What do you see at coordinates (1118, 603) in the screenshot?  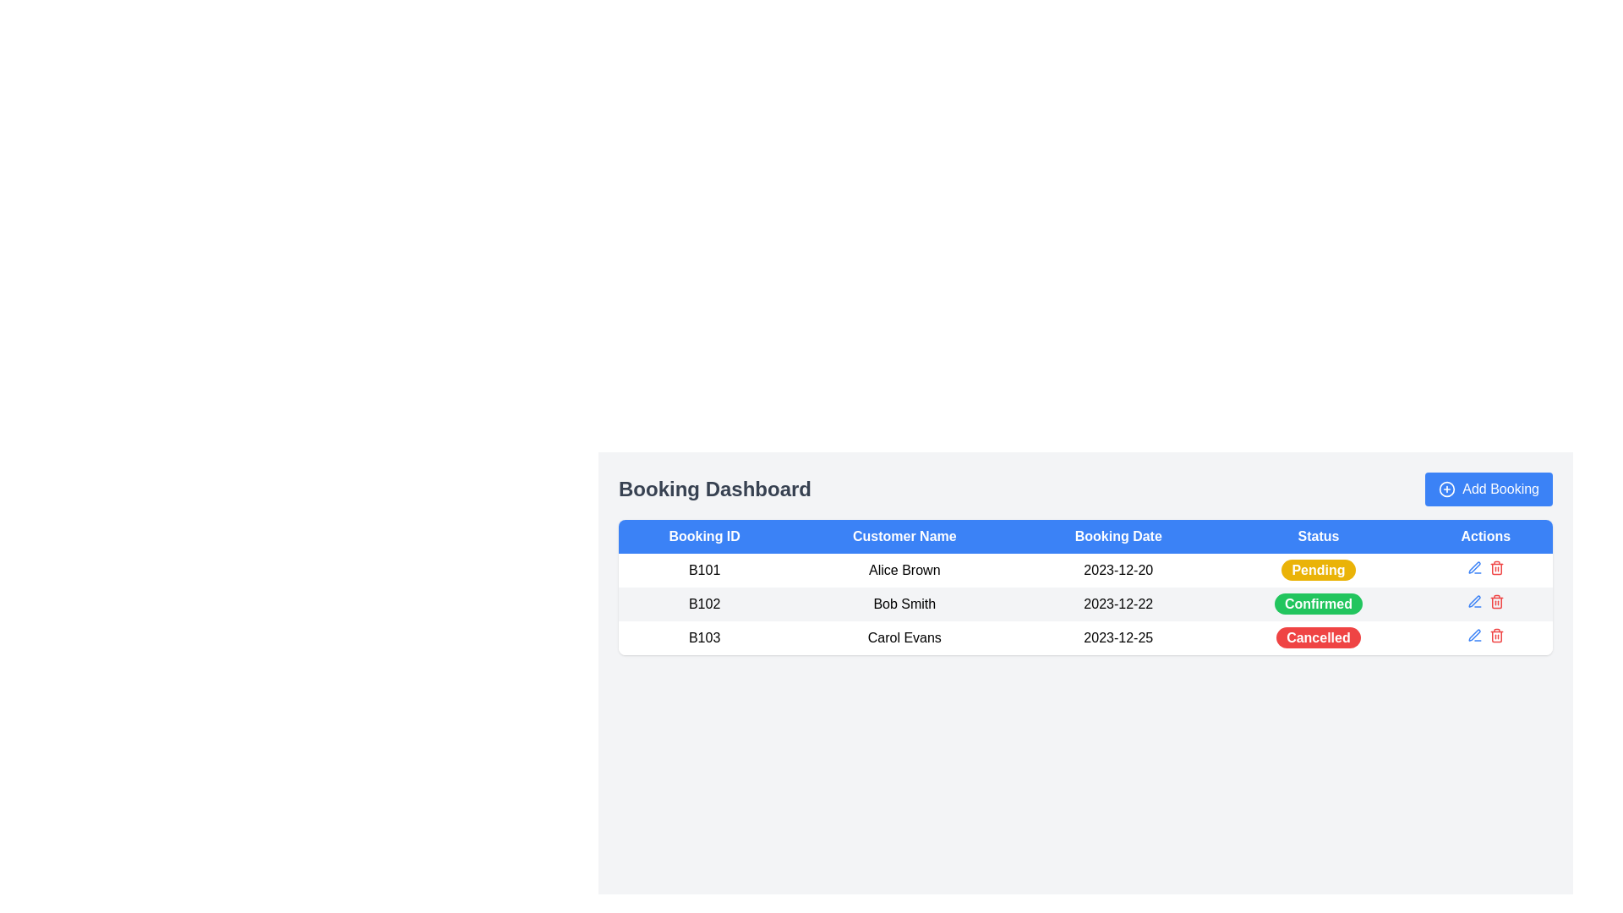 I see `the non-interactive text label that displays the booking date for 'Bob Smith' (Booking ID: B102) in the 'Booking Date' column of the booking table` at bounding box center [1118, 603].